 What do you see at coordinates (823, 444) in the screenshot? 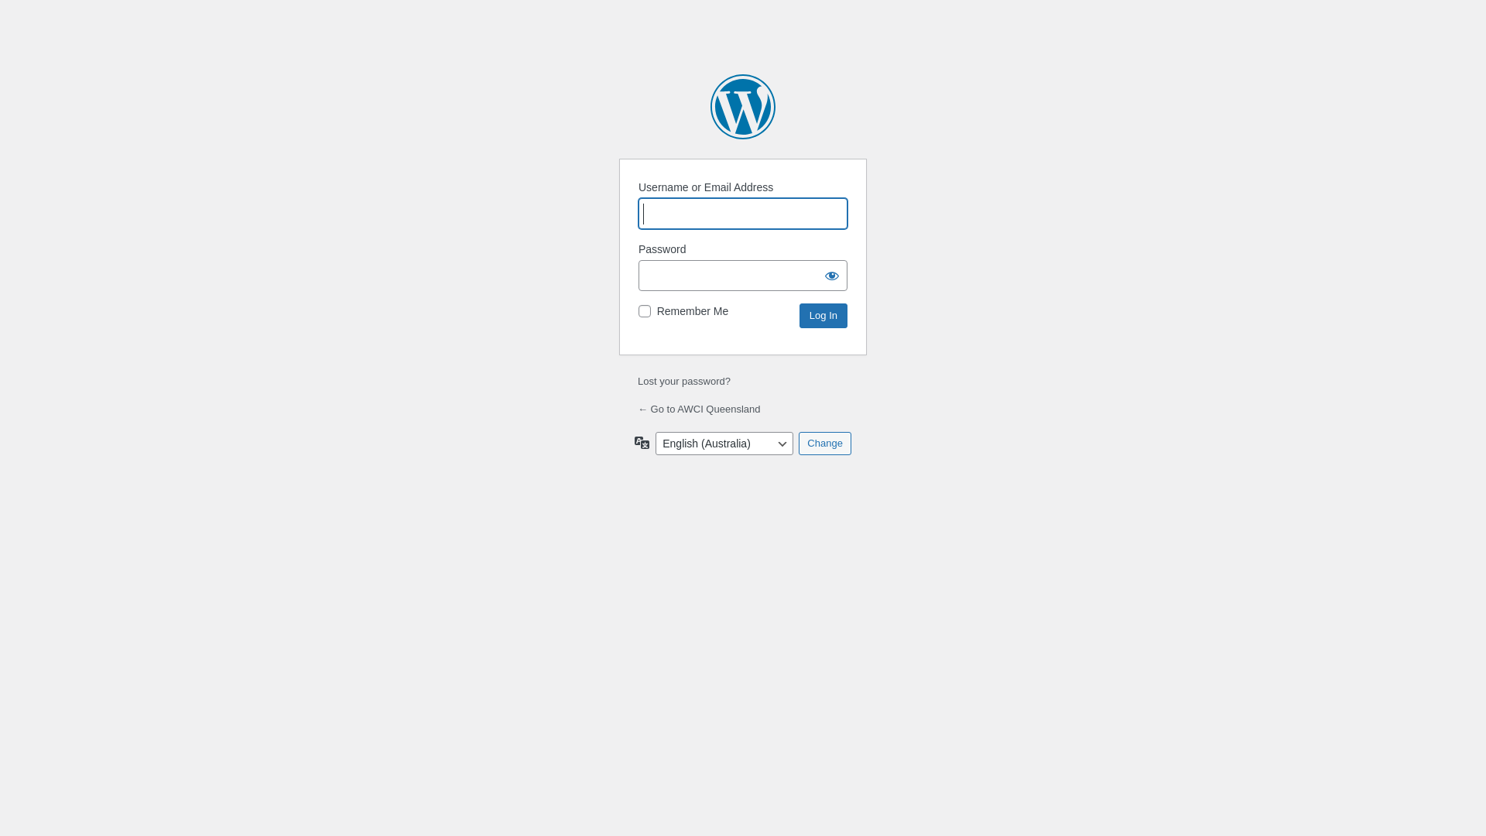
I see `'Change'` at bounding box center [823, 444].